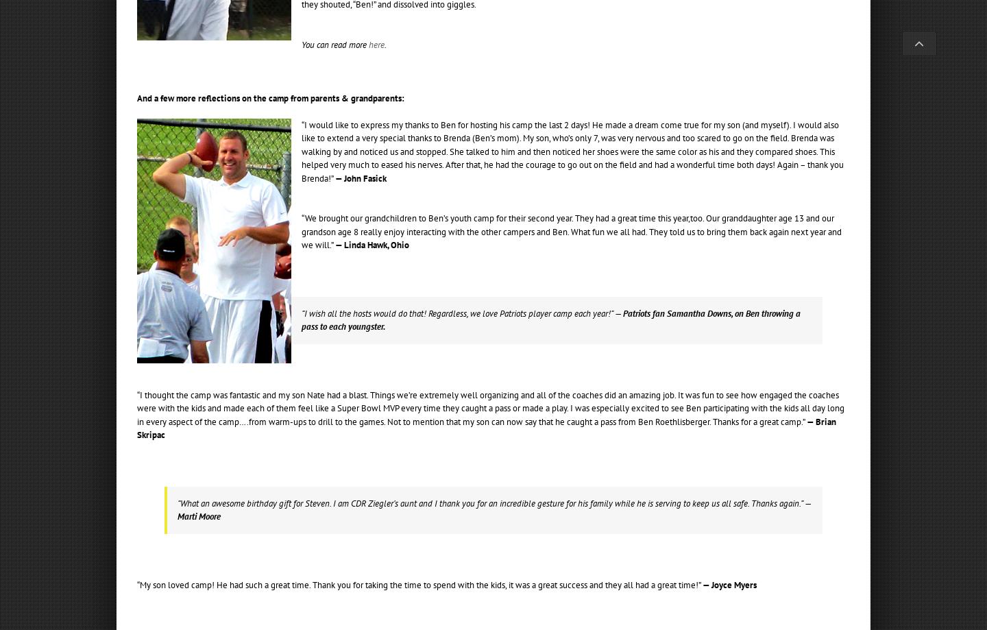  What do you see at coordinates (385, 44) in the screenshot?
I see `'.'` at bounding box center [385, 44].